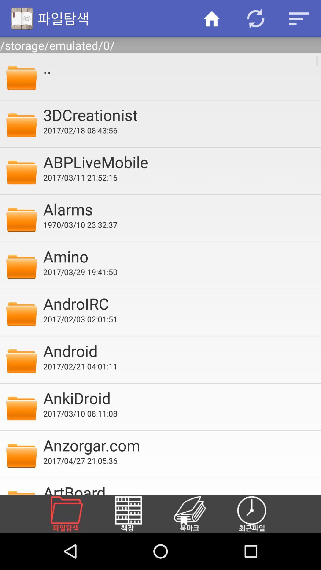  What do you see at coordinates (178, 303) in the screenshot?
I see `androirc app` at bounding box center [178, 303].